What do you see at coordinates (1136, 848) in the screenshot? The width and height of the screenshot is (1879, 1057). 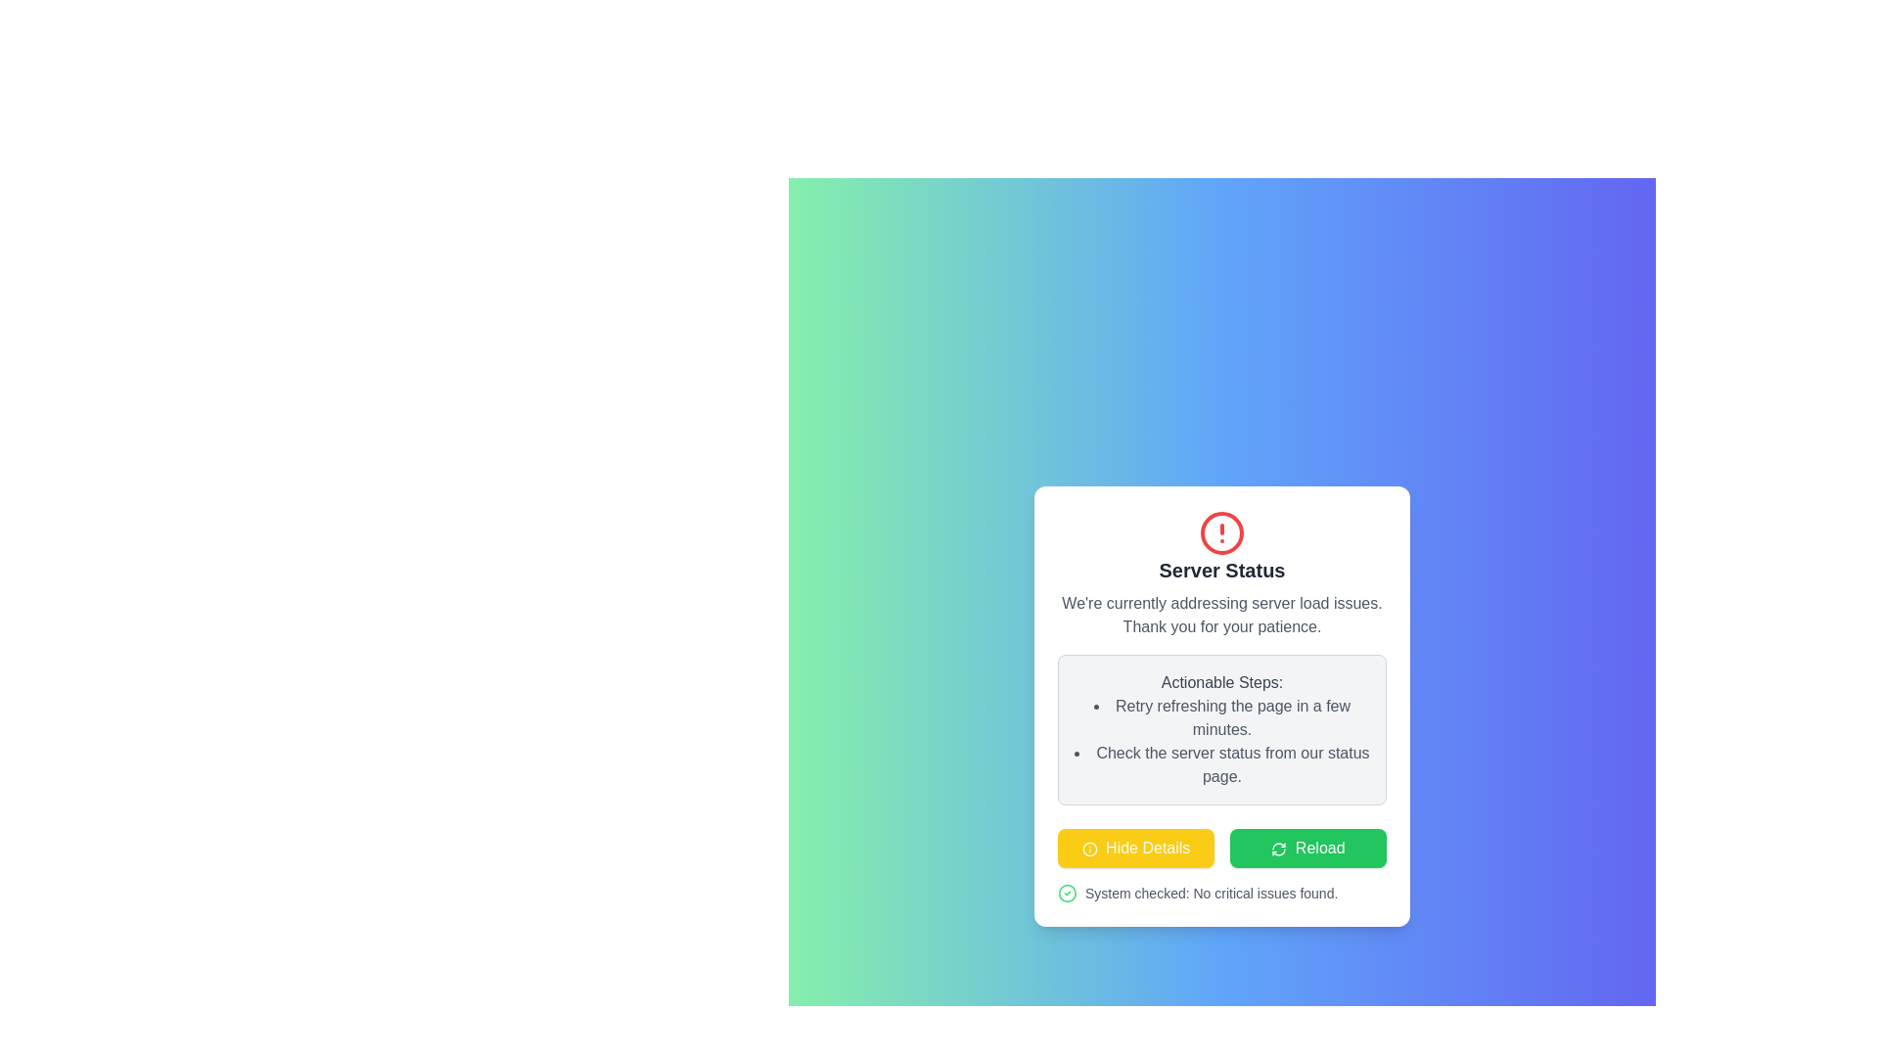 I see `the yellow rectangular button labeled 'Hide Details' with an information icon` at bounding box center [1136, 848].